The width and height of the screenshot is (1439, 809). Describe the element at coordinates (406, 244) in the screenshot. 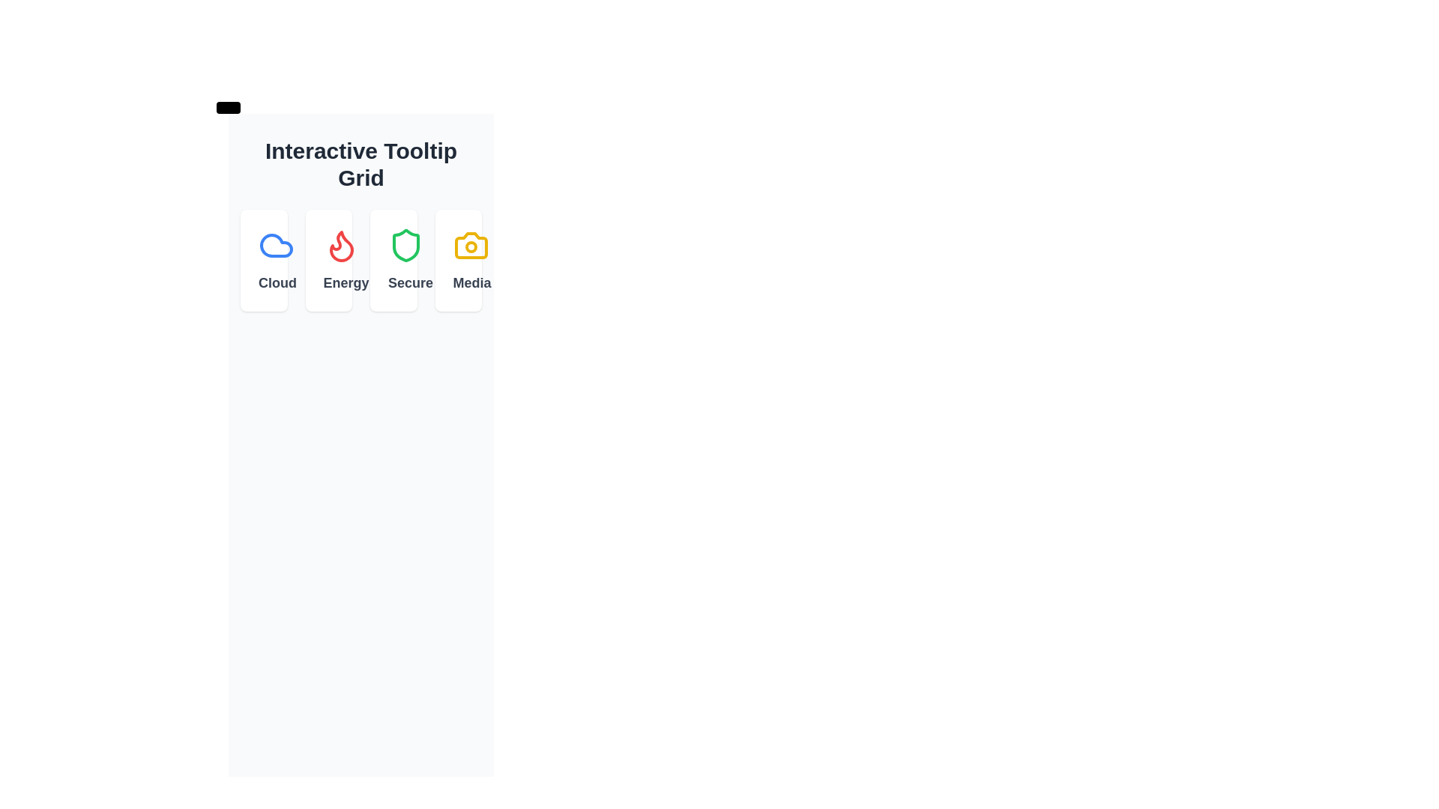

I see `the stylized green shield icon located in the 'Secure' section of the interface, which is positioned between the 'Energy' and 'Media' sections` at that location.